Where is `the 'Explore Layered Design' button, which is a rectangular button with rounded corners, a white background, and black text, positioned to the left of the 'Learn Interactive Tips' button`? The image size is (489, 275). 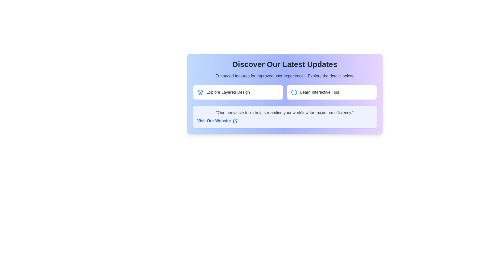
the 'Explore Layered Design' button, which is a rectangular button with rounded corners, a white background, and black text, positioned to the left of the 'Learn Interactive Tips' button is located at coordinates (238, 92).